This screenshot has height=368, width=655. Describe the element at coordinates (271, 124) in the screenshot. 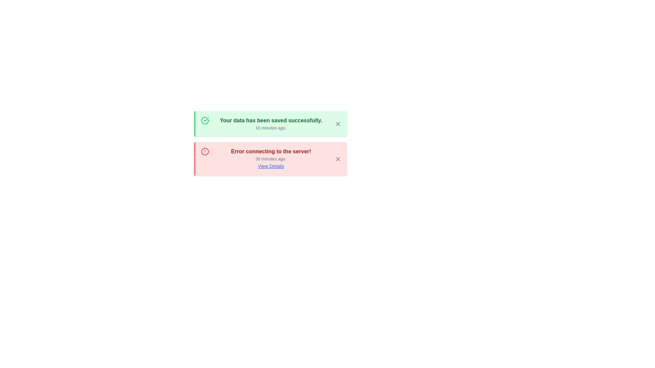

I see `notification text label indicating that the data has been successfully saved, which is located in the green notification box at the top of the two stacked notifications` at that location.